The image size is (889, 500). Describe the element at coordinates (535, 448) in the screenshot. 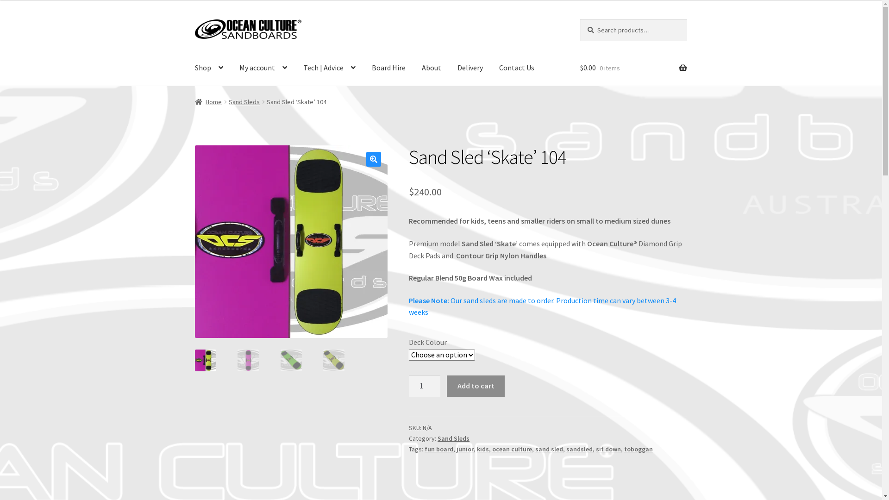

I see `'sand sled'` at that location.